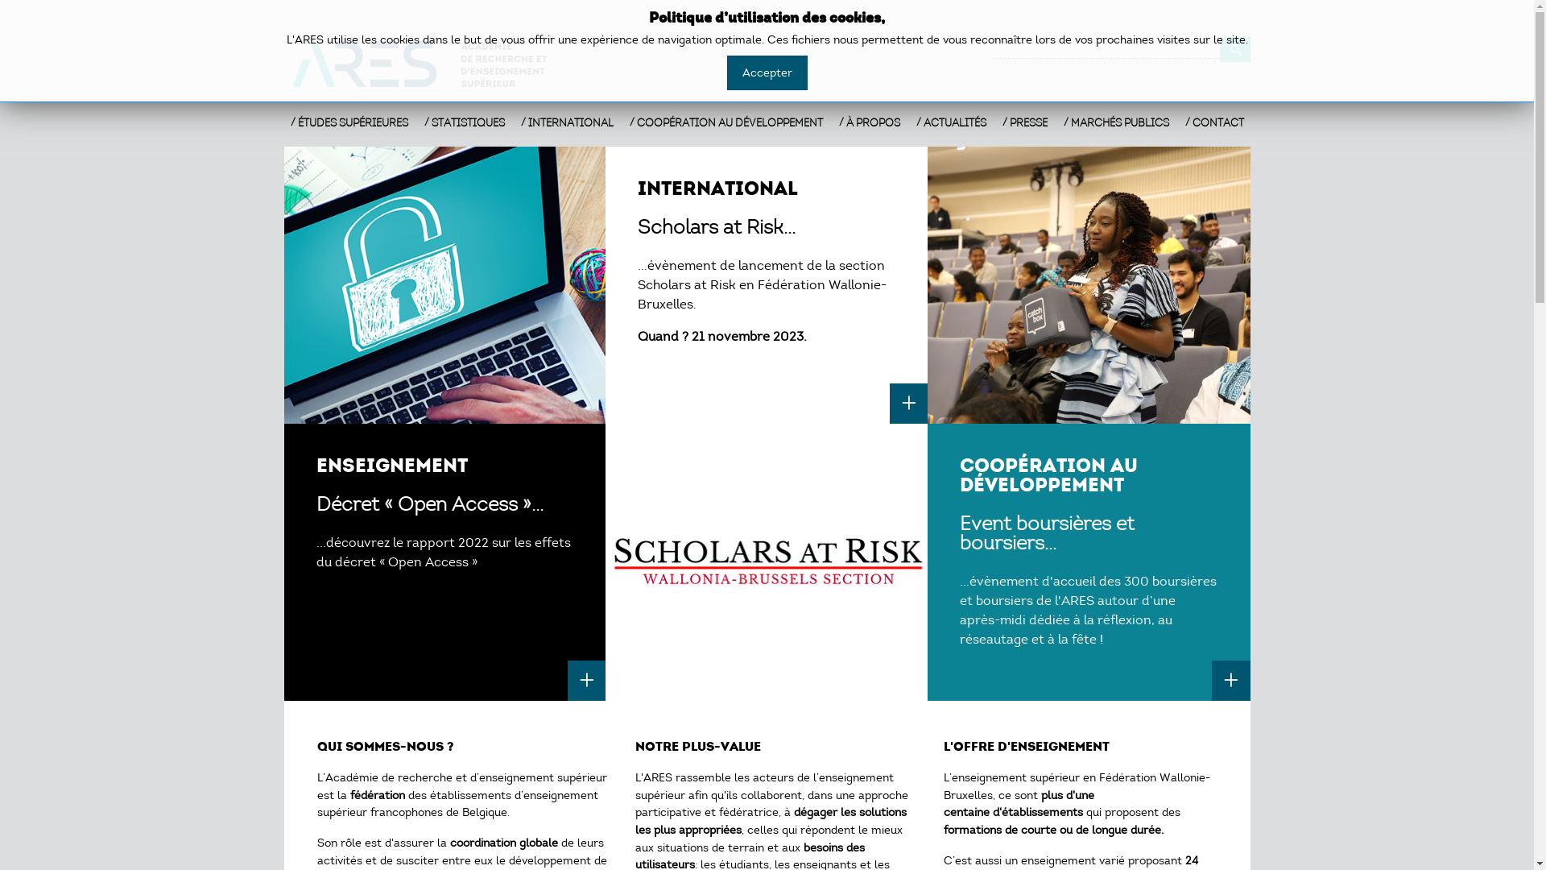  What do you see at coordinates (1000, 122) in the screenshot?
I see `'PRESSE'` at bounding box center [1000, 122].